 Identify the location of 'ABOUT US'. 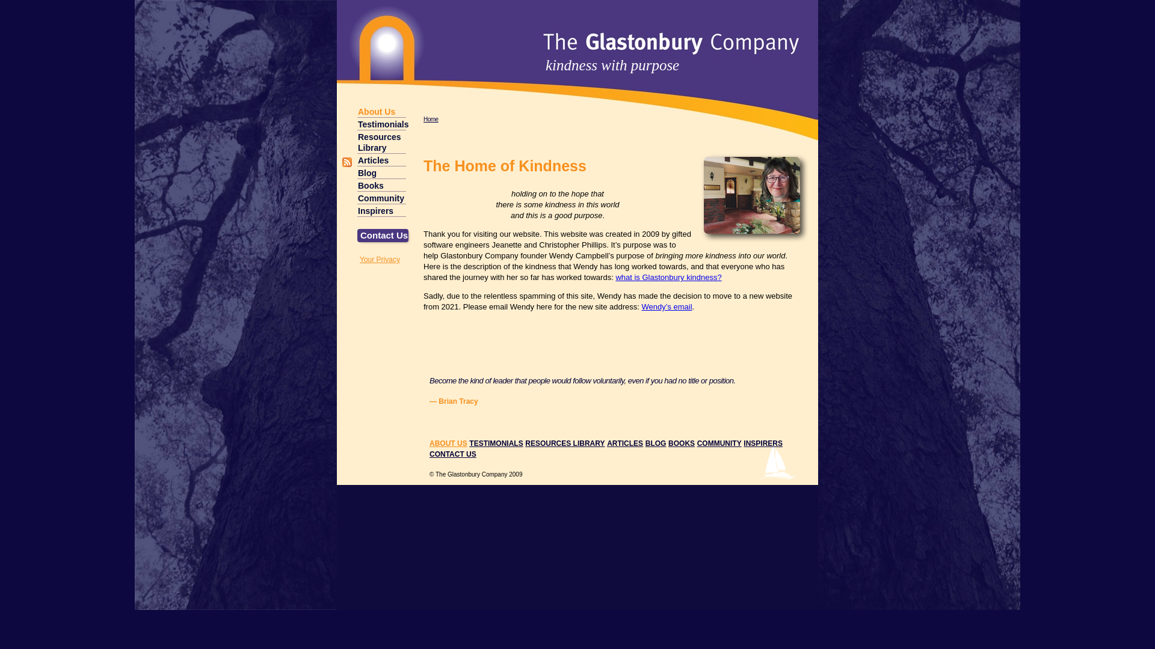
(448, 443).